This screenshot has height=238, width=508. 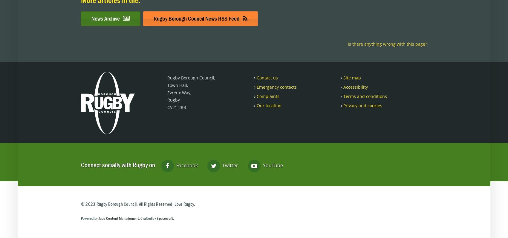 What do you see at coordinates (148, 218) in the screenshot?
I see `'. Crafted by'` at bounding box center [148, 218].